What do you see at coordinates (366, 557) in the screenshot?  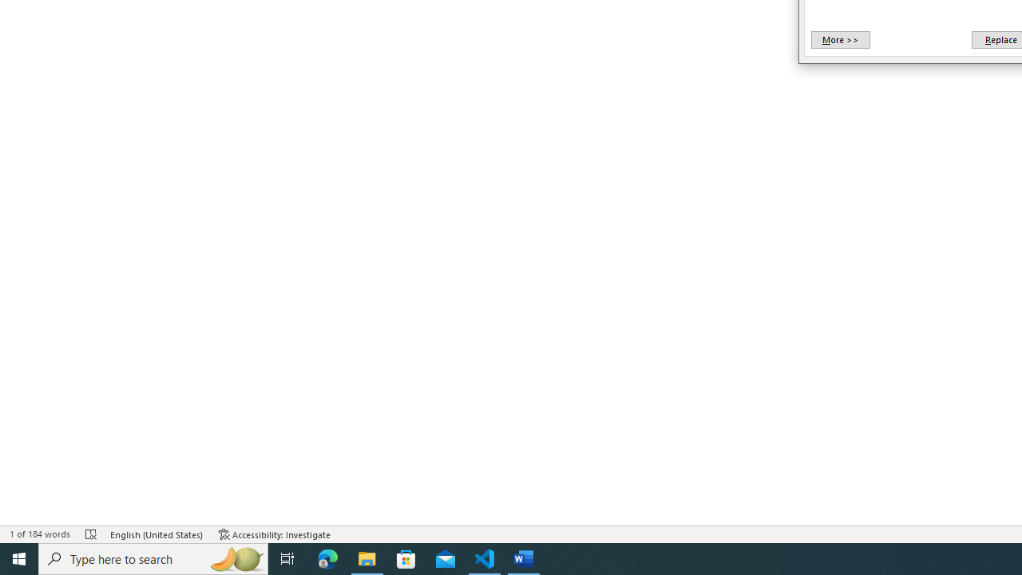 I see `'File Explorer - 1 running window'` at bounding box center [366, 557].